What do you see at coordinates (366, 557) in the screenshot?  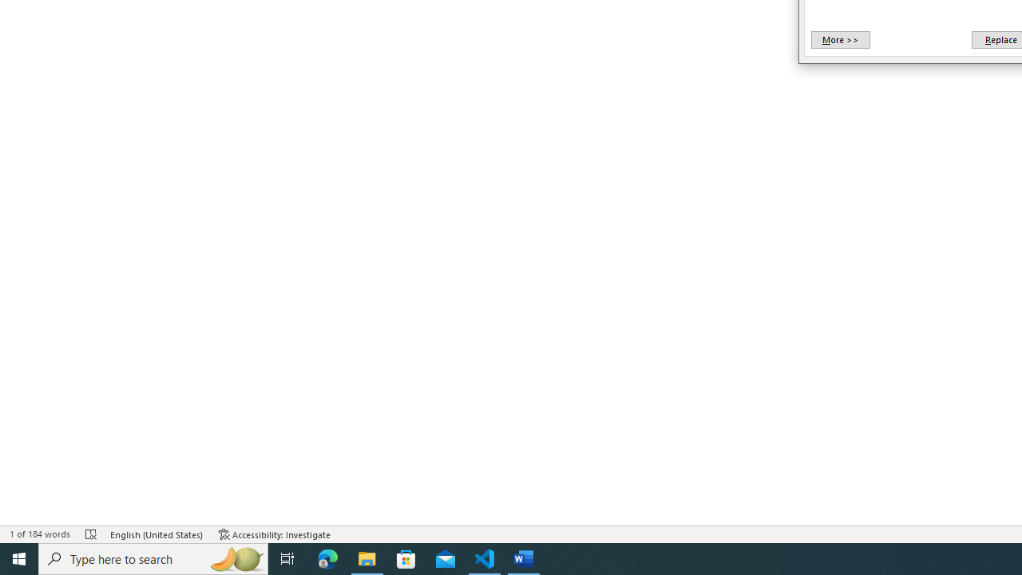 I see `'File Explorer - 1 running window'` at bounding box center [366, 557].